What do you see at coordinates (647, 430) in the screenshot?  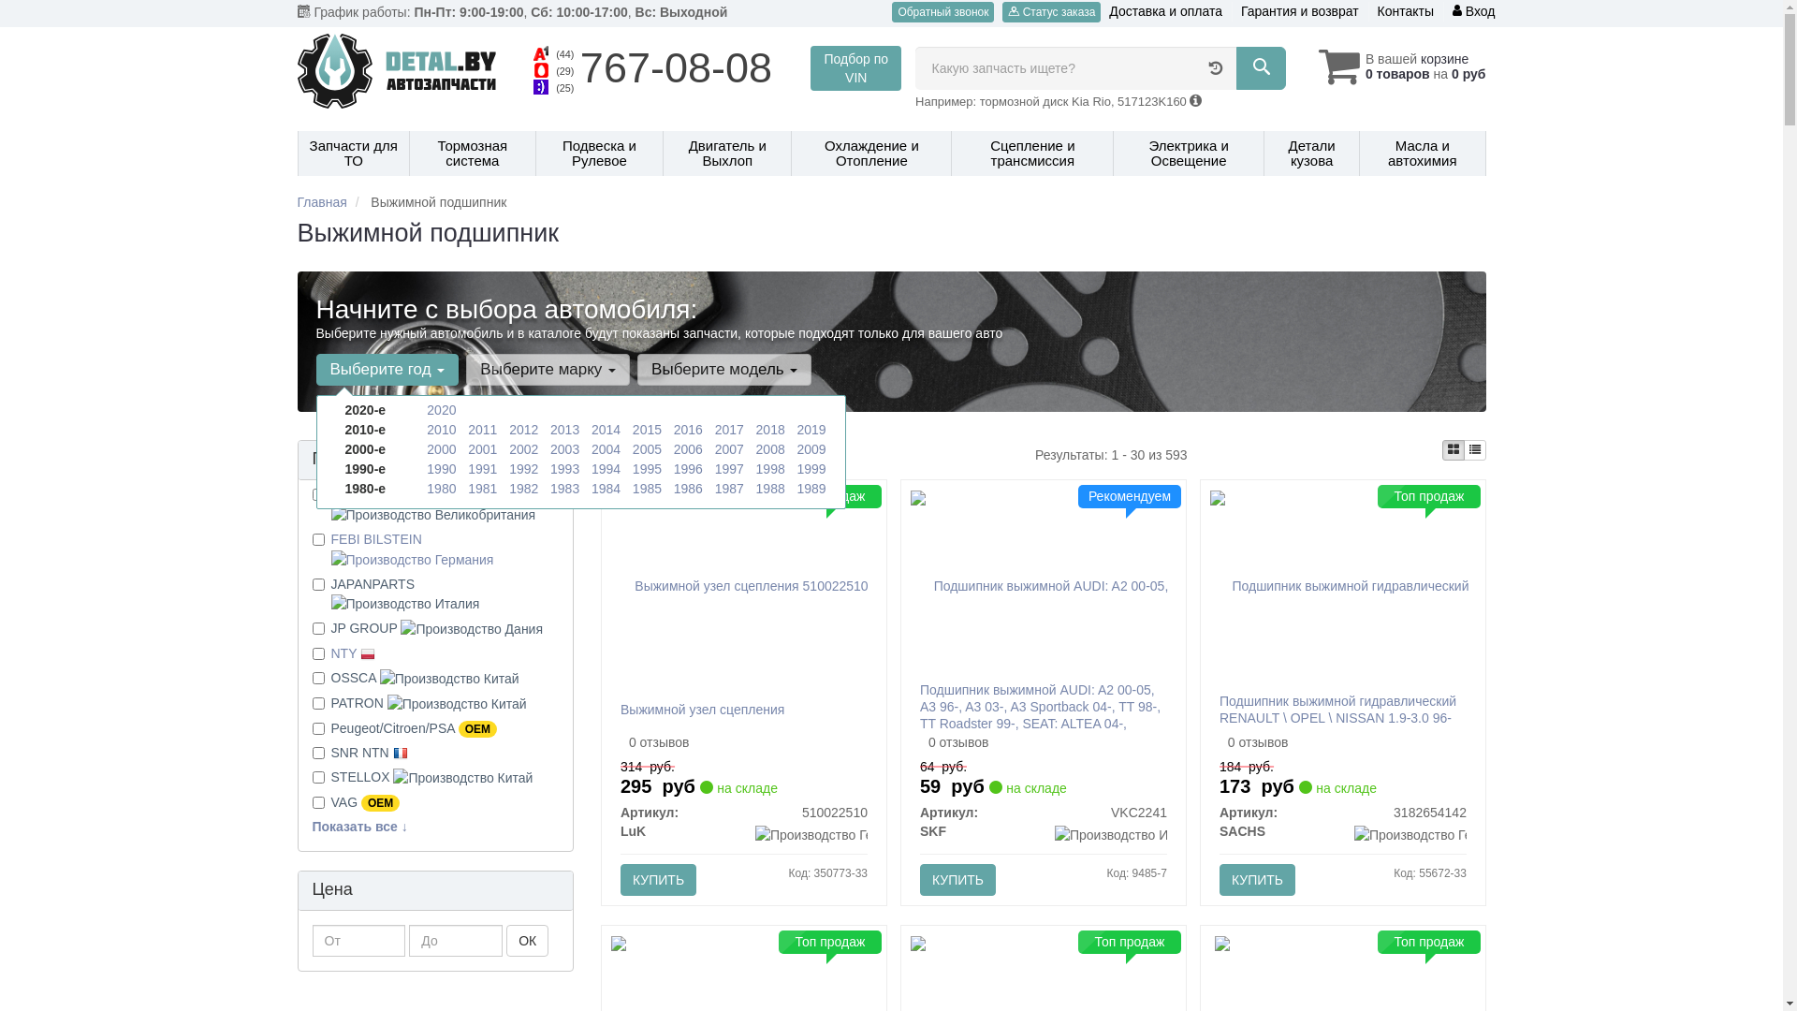 I see `'2015'` at bounding box center [647, 430].